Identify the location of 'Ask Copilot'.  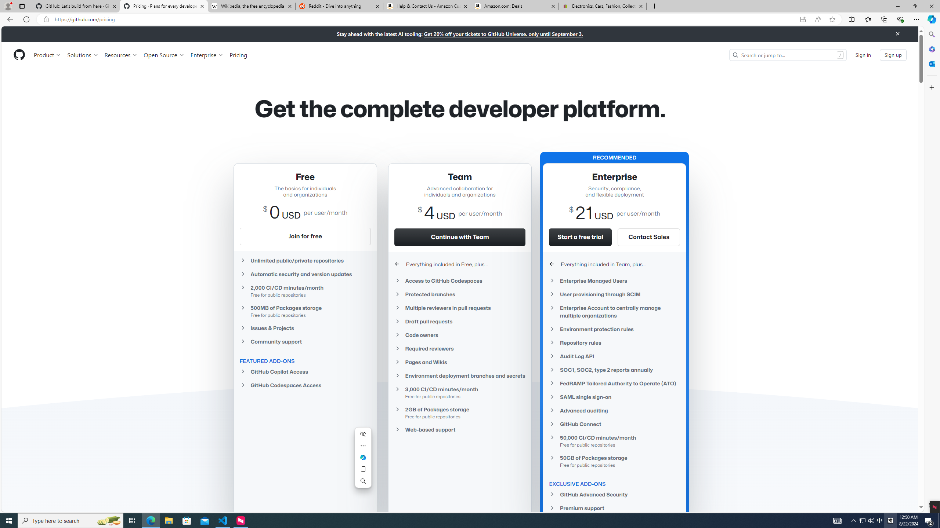
(363, 458).